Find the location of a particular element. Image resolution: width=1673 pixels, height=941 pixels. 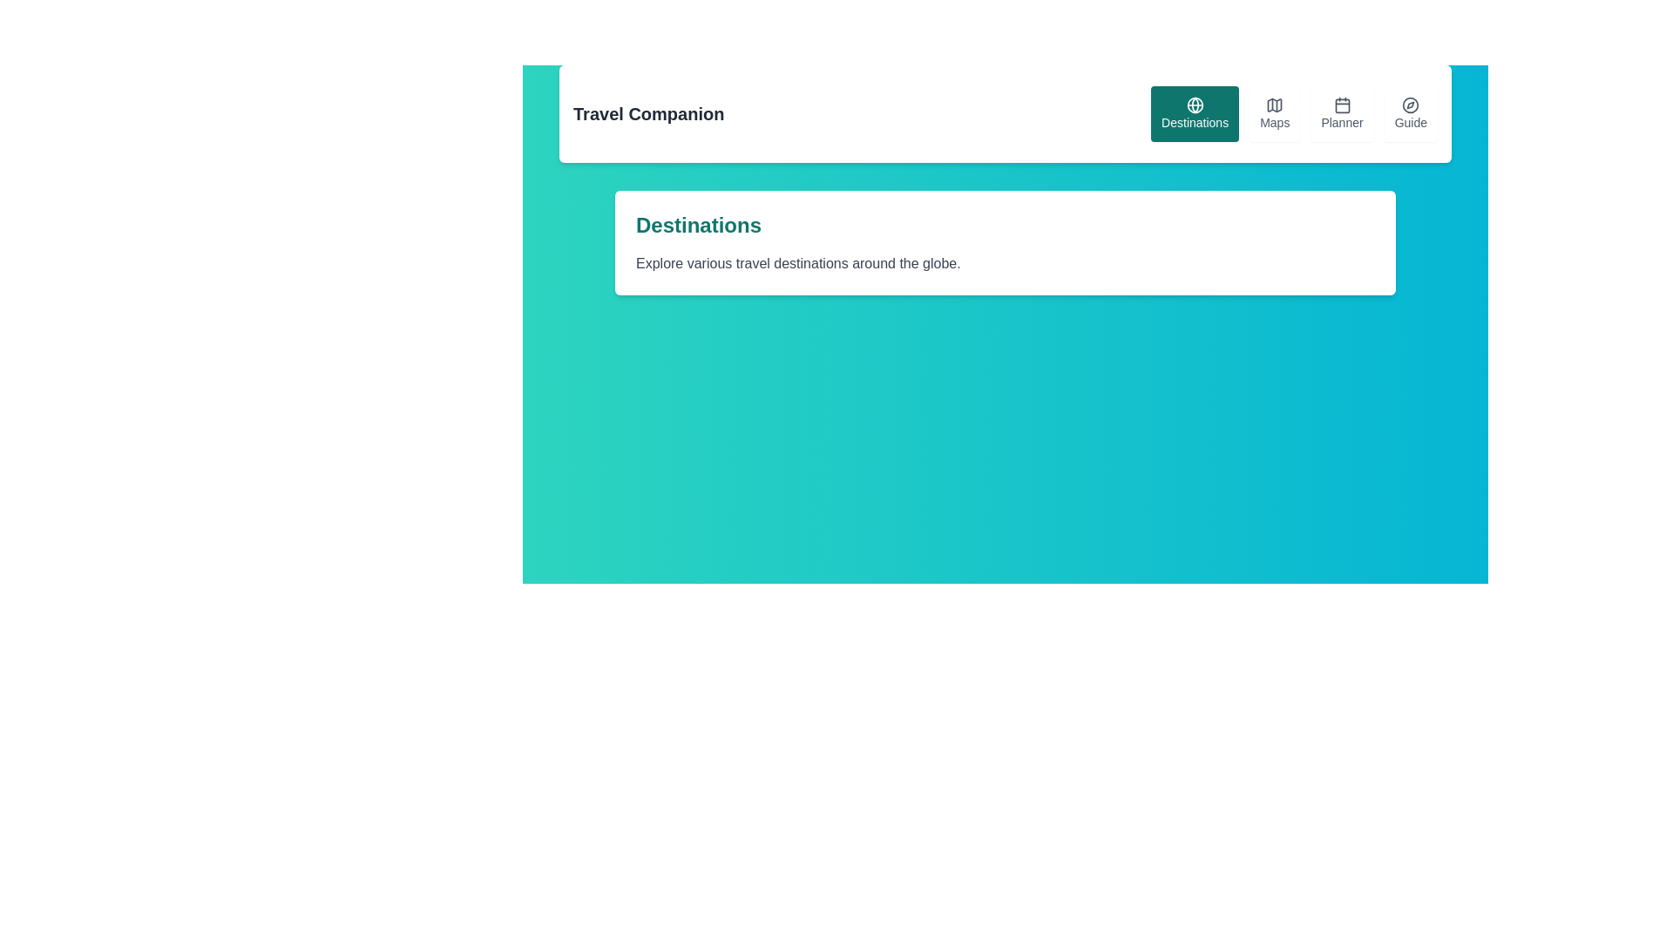

the 'Maps' button, which is the second button in a horizontal list of four buttons located in the top-right corner of the interface is located at coordinates (1275, 114).